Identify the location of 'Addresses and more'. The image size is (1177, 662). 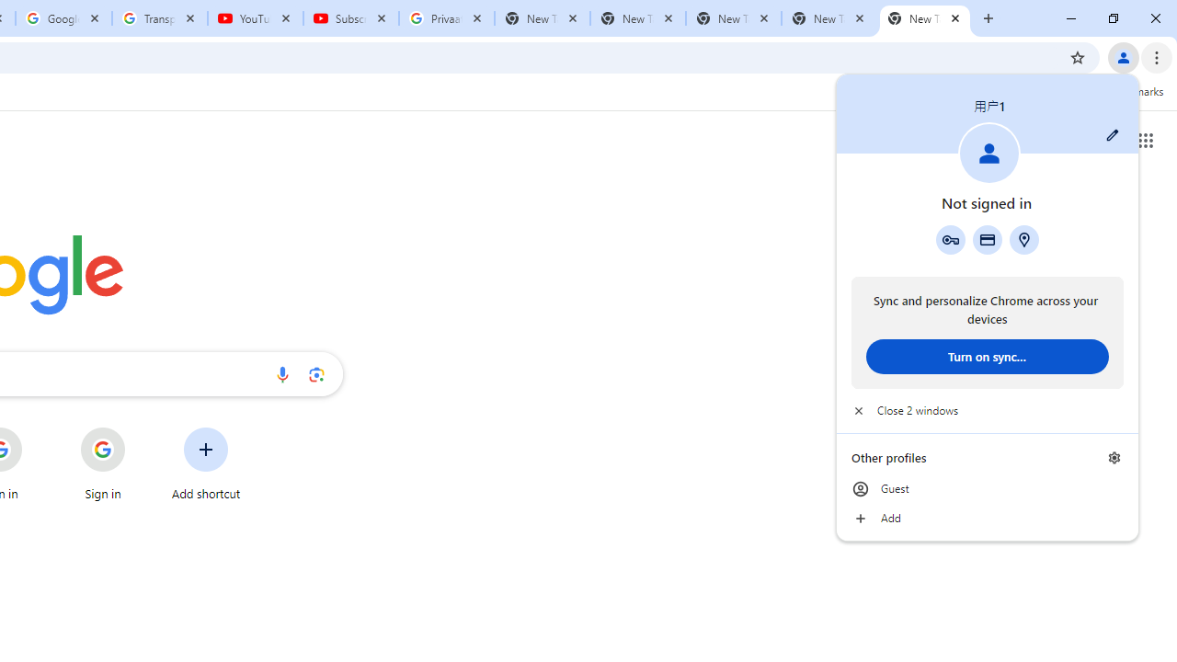
(1023, 239).